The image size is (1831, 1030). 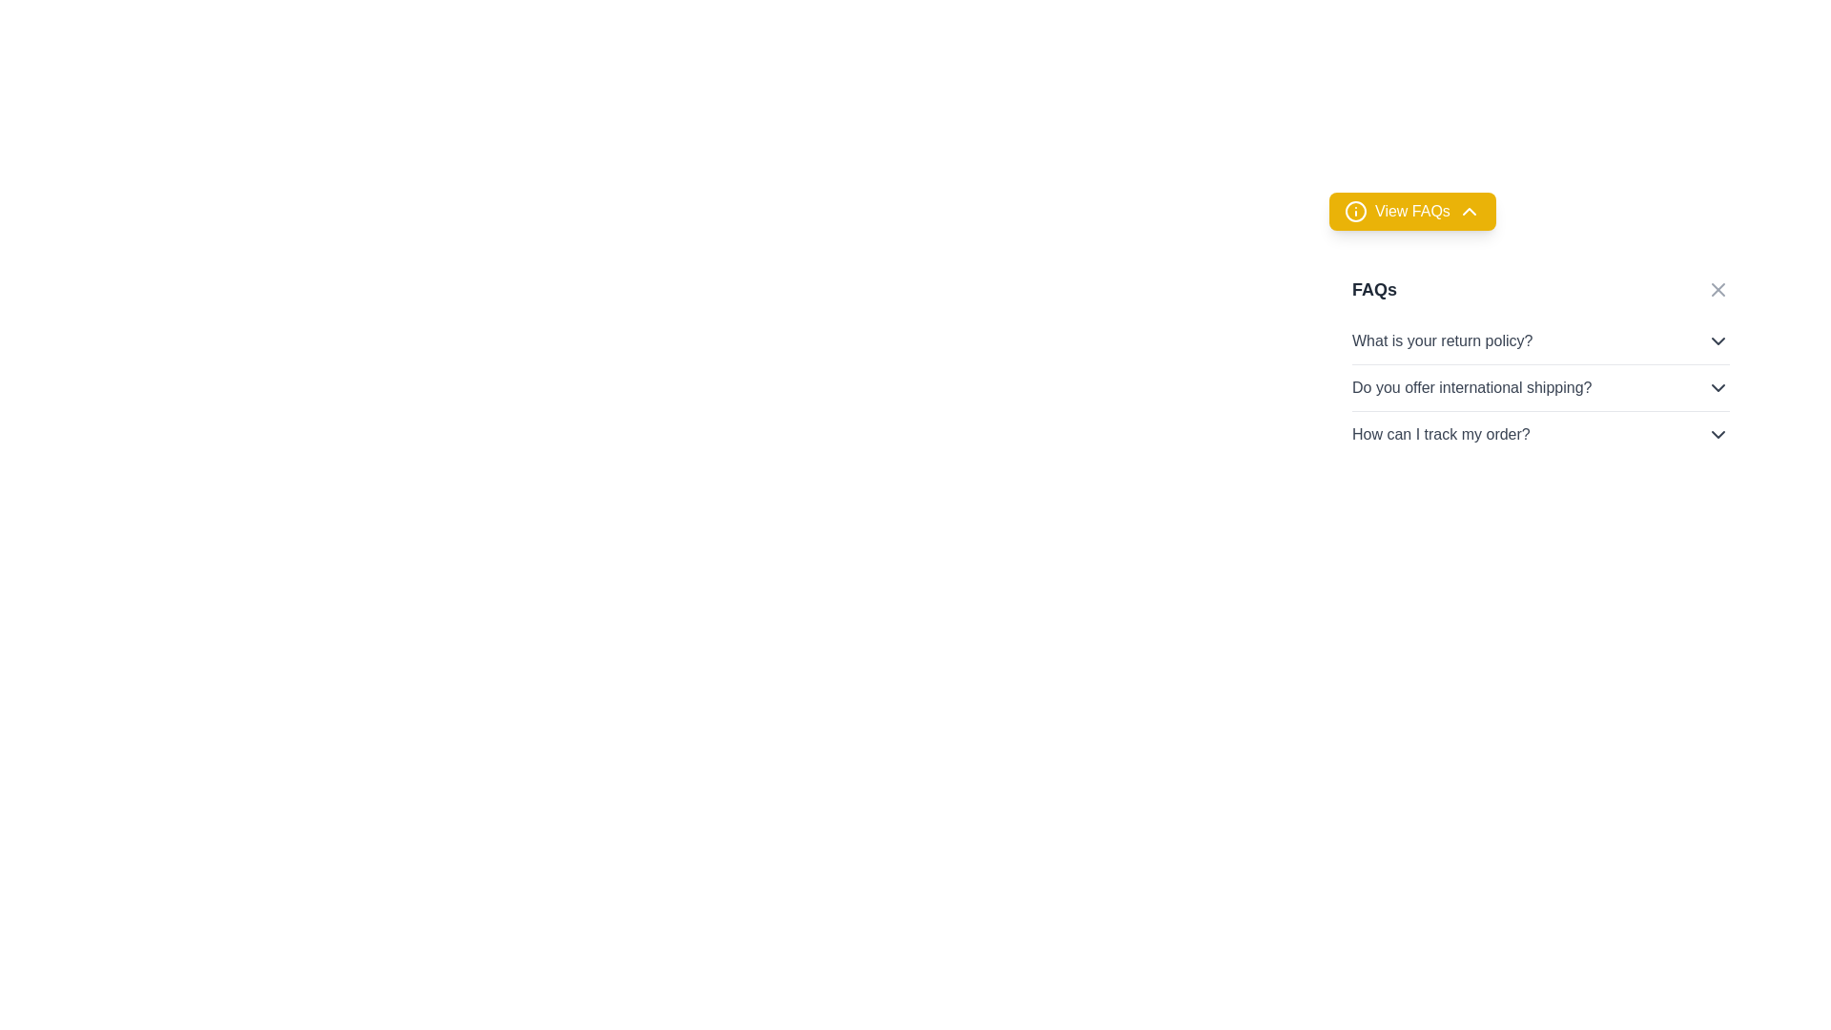 I want to click on the yellow rounded button labeled 'View FAQs' with an 'i' icon on the left, so click(x=1412, y=212).